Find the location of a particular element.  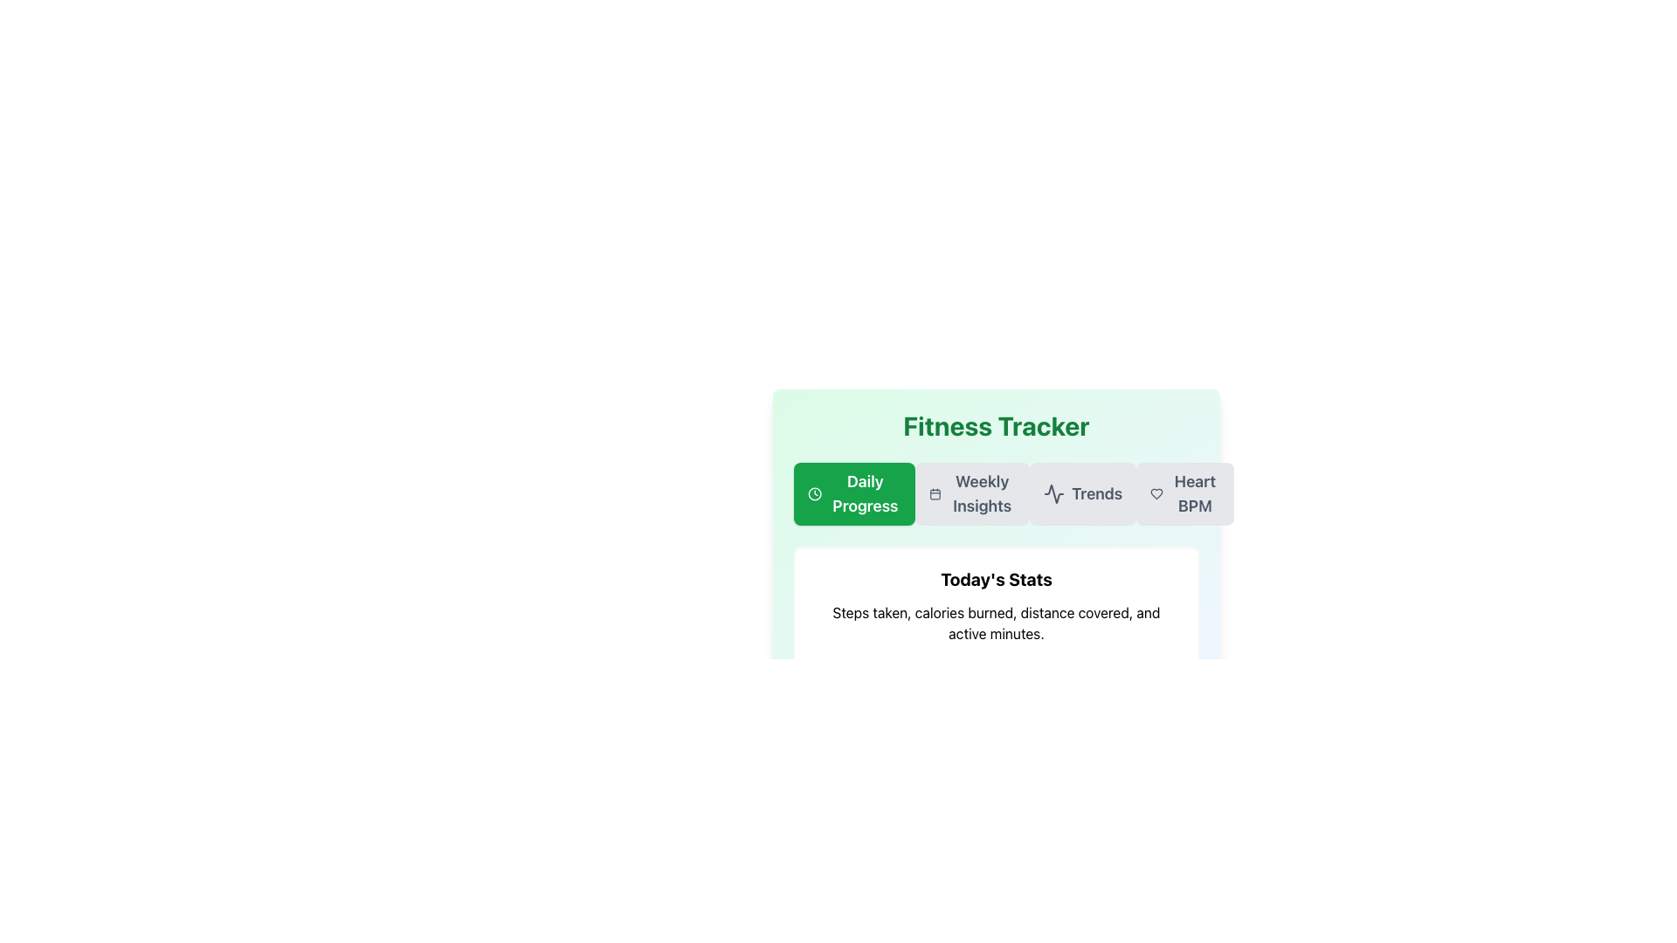

the clock icon positioned to the left of the 'Daily Progress' green button is located at coordinates (814, 494).